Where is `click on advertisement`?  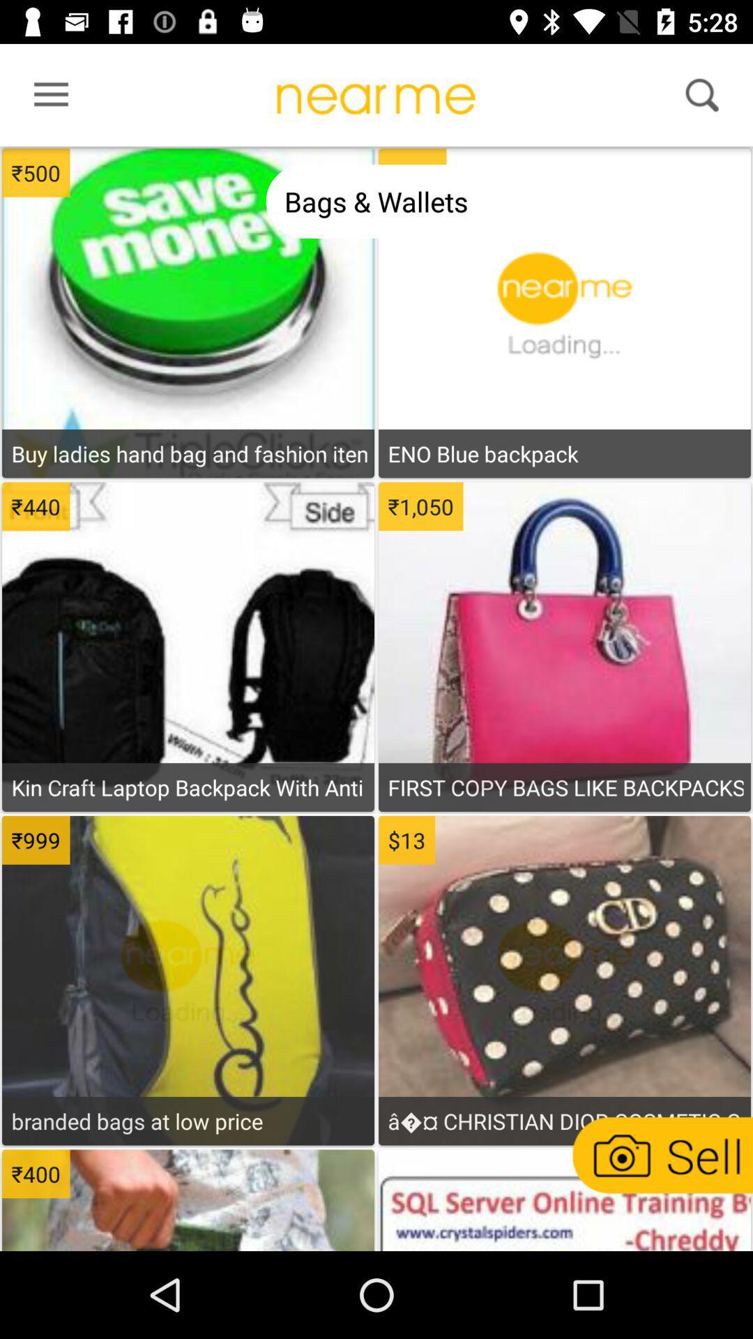
click on advertisement is located at coordinates (188, 1202).